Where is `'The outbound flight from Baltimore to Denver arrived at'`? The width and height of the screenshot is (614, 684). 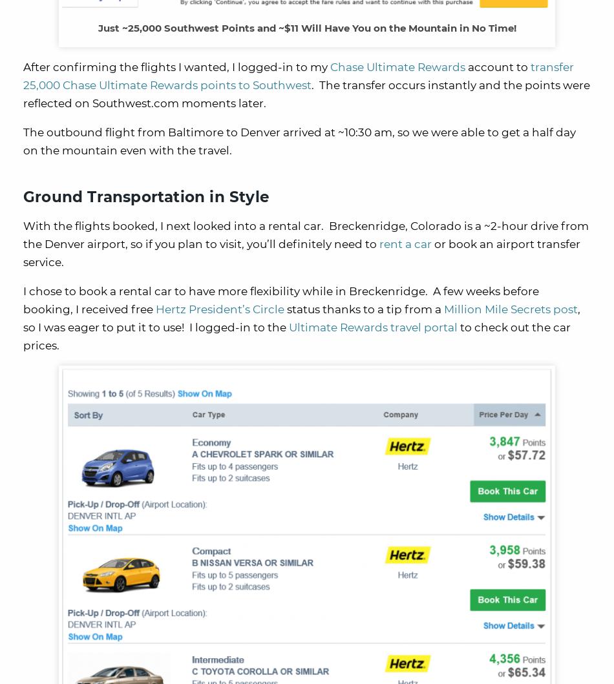 'The outbound flight from Baltimore to Denver arrived at' is located at coordinates (180, 130).